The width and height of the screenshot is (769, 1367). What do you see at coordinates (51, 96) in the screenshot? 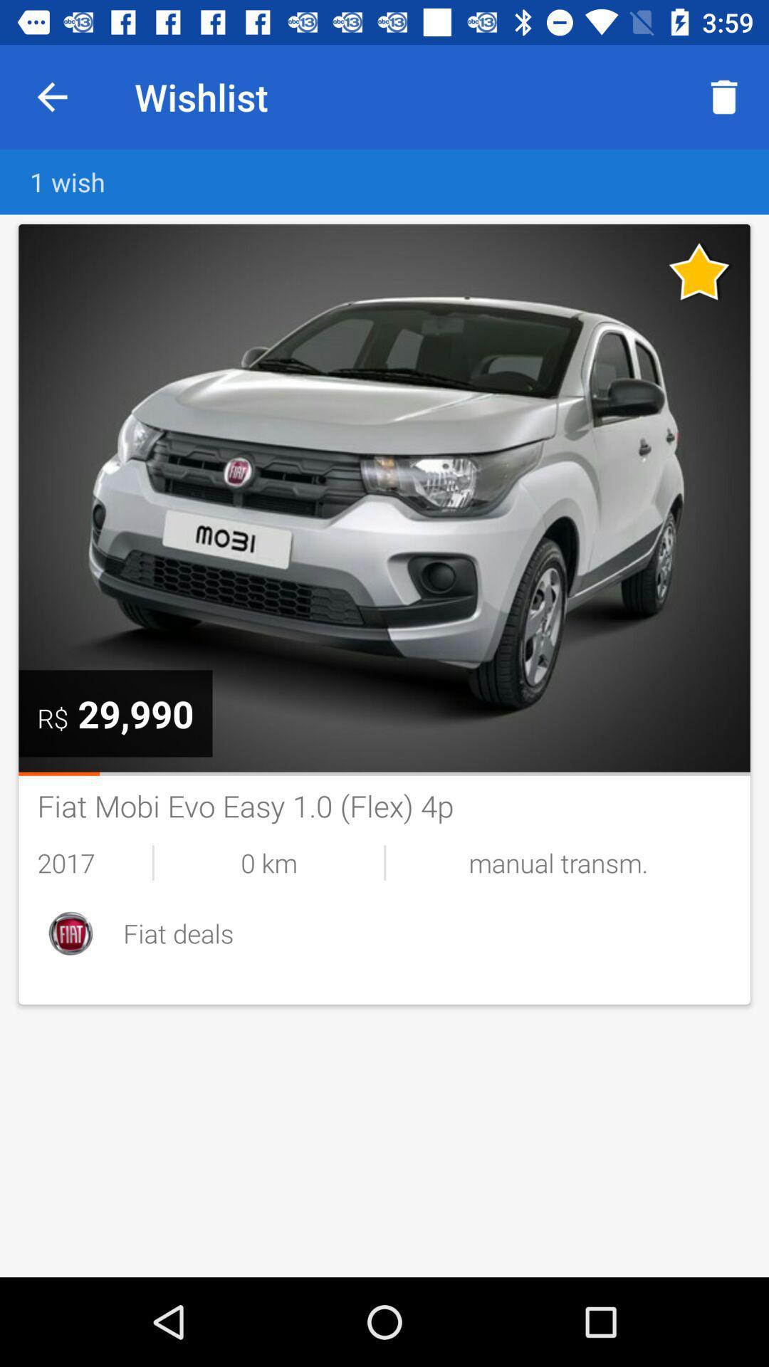
I see `the icon next to wishlist icon` at bounding box center [51, 96].